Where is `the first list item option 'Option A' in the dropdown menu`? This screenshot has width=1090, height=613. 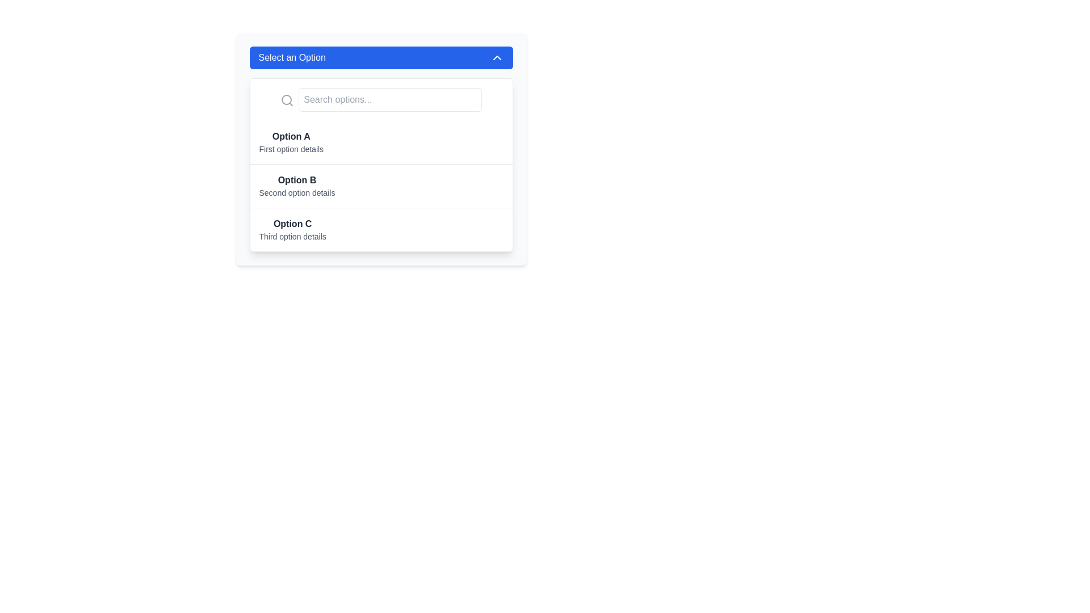
the first list item option 'Option A' in the dropdown menu is located at coordinates (291, 141).